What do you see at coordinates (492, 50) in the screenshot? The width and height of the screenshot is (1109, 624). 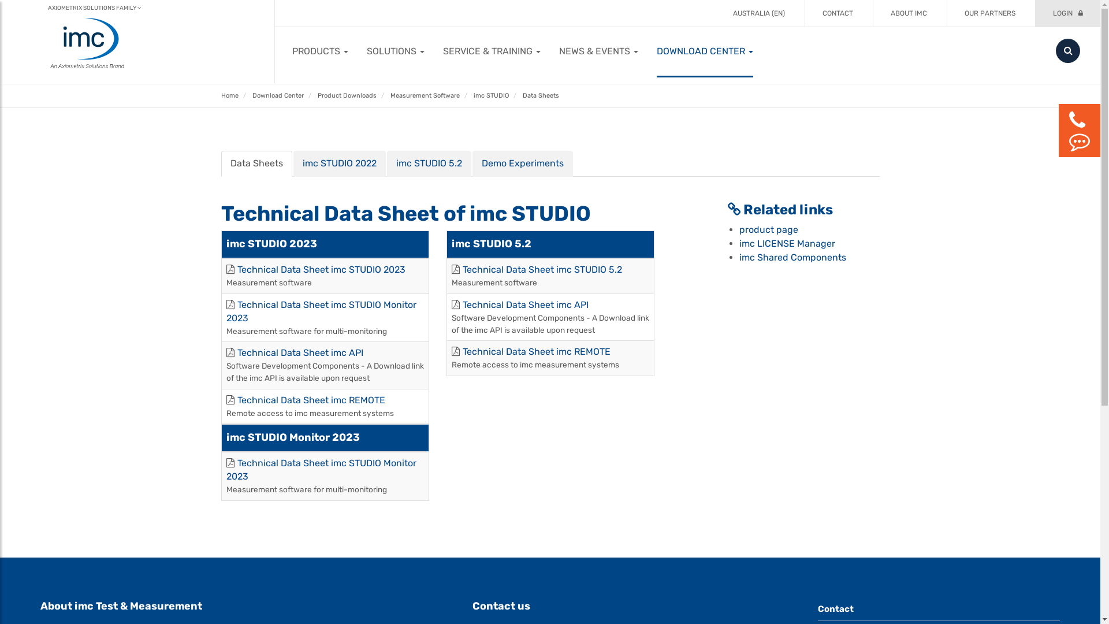 I see `'SERVICE & TRAINING'` at bounding box center [492, 50].